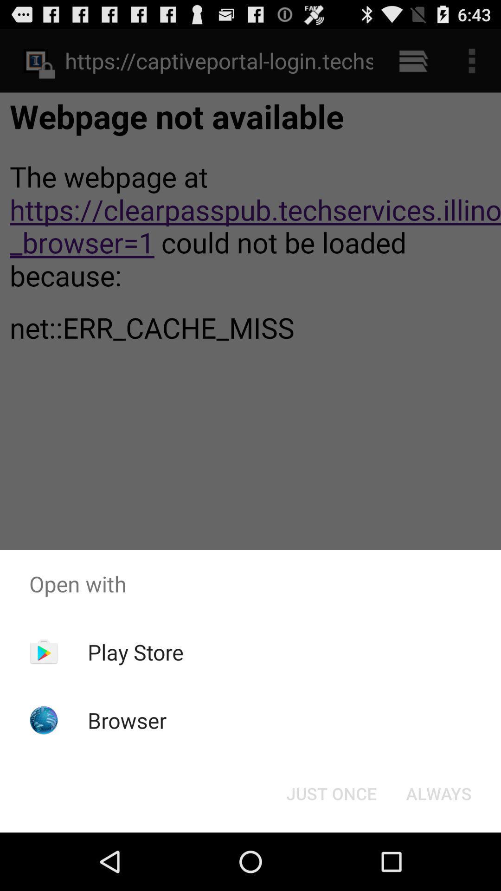 This screenshot has height=891, width=501. I want to click on the item below open with icon, so click(331, 793).